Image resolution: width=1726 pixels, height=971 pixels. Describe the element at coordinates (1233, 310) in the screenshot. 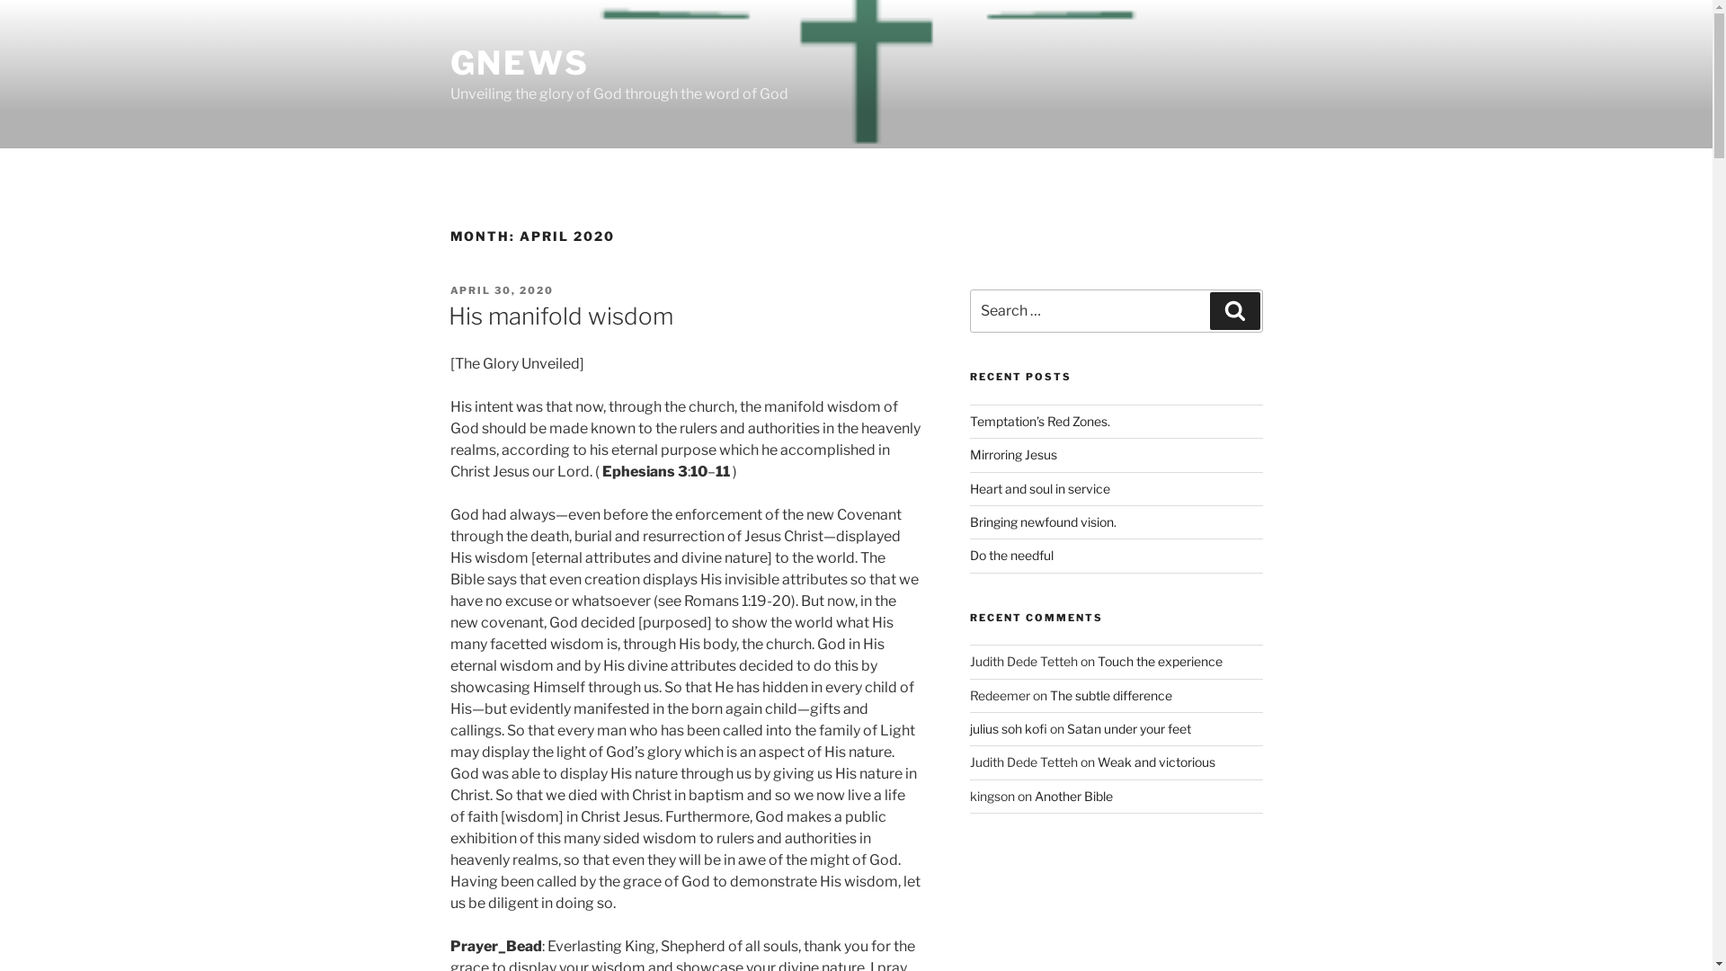

I see `'Search'` at that location.